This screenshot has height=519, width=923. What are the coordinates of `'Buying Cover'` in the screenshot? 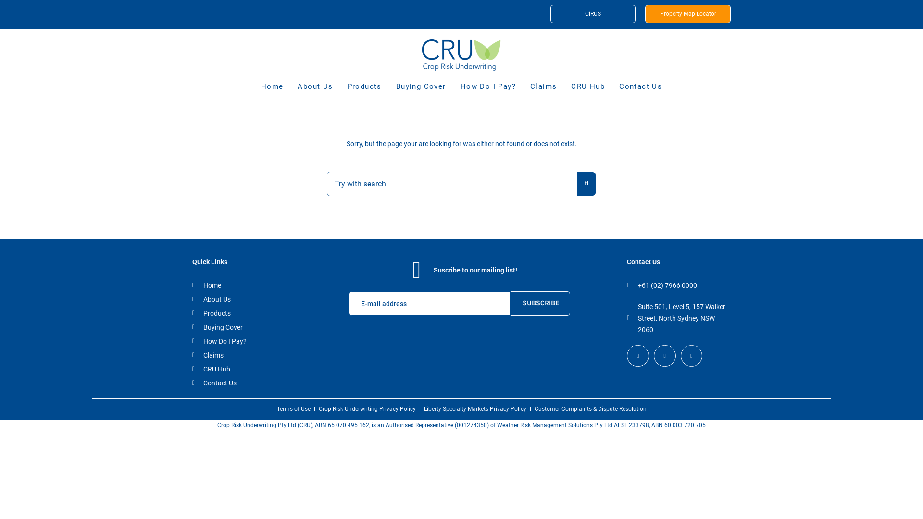 It's located at (421, 90).